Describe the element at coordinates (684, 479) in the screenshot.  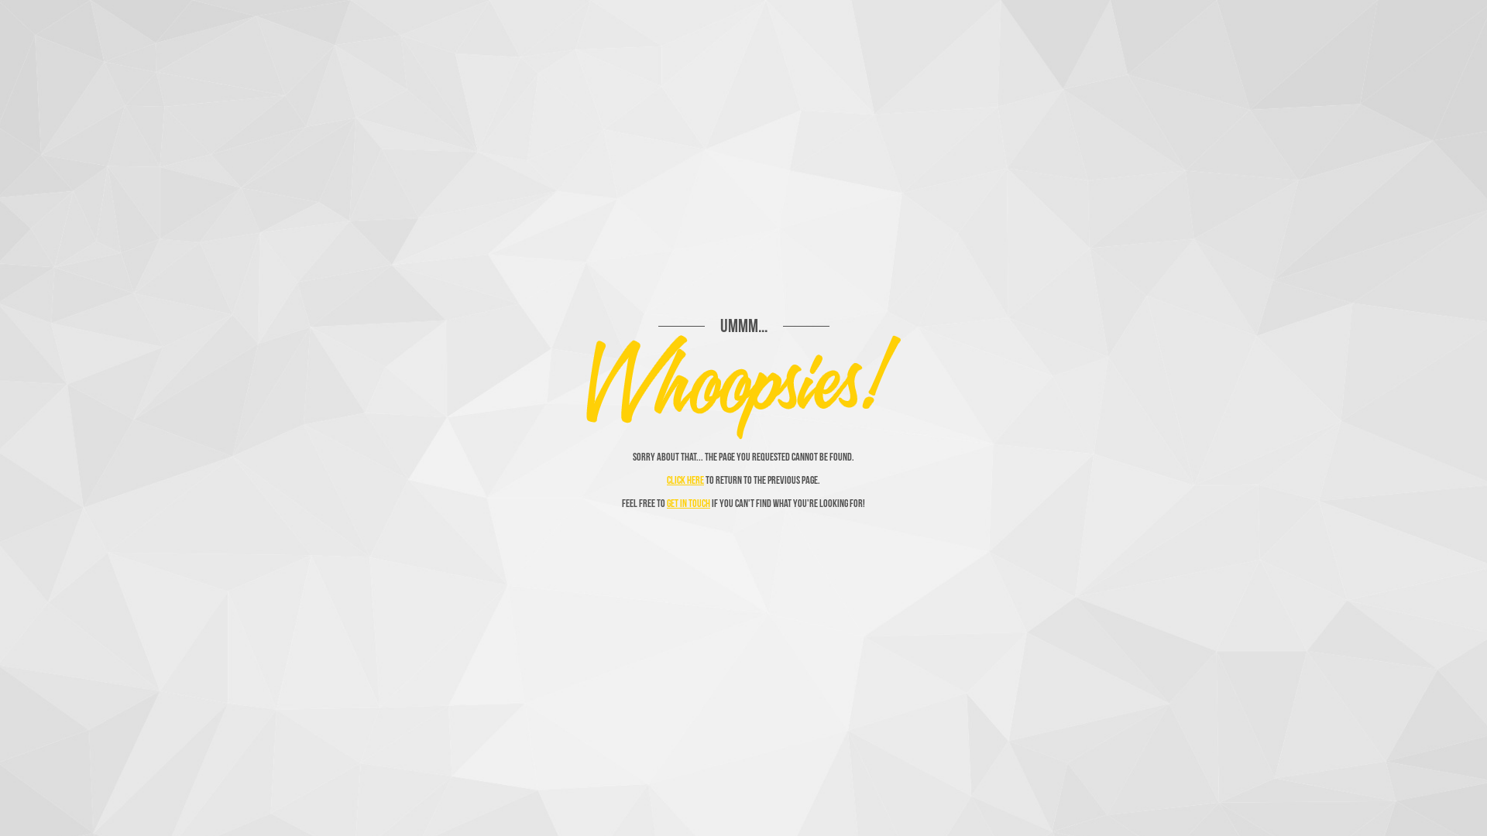
I see `'Click here'` at that location.